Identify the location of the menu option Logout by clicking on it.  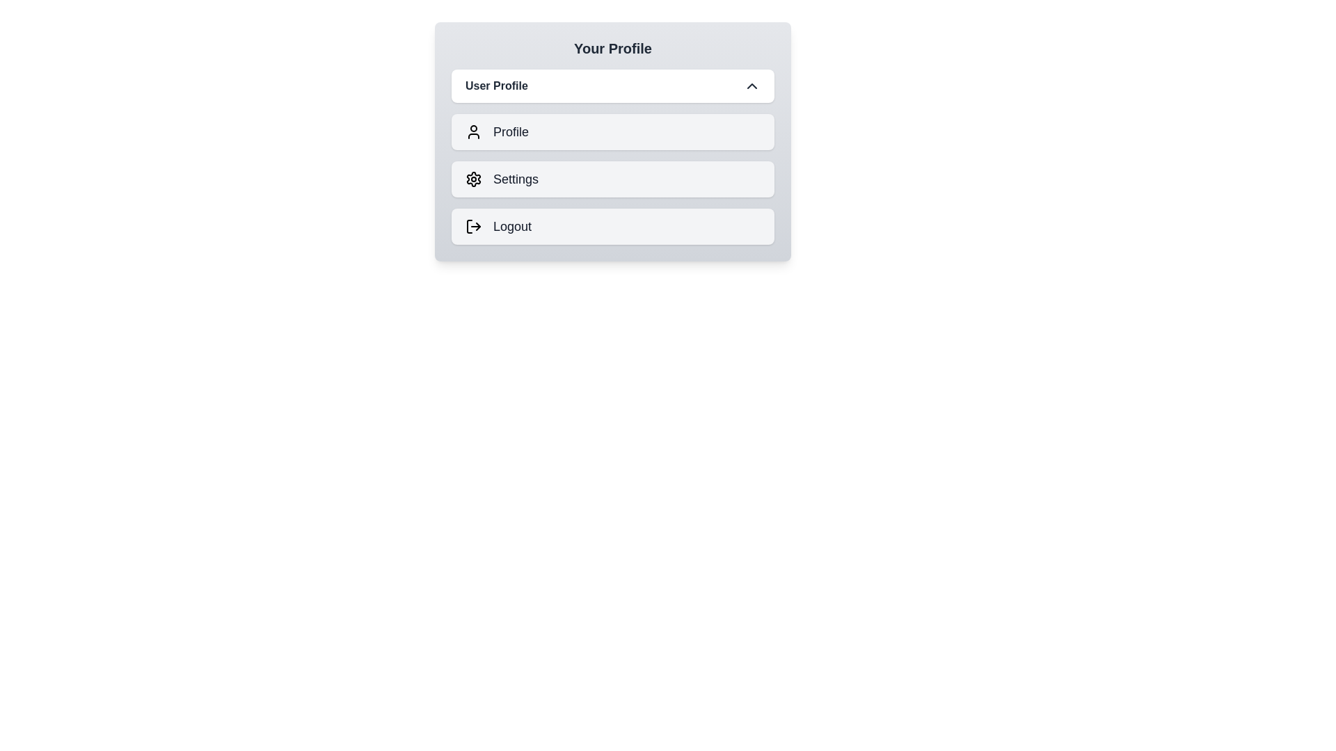
(612, 226).